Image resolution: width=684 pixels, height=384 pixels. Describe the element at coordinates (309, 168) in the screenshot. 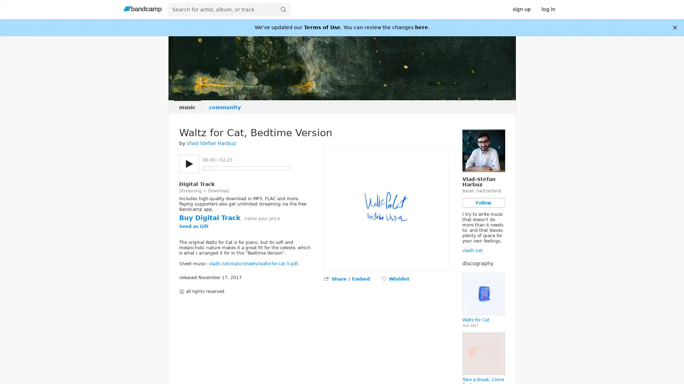

I see `Next track` at that location.